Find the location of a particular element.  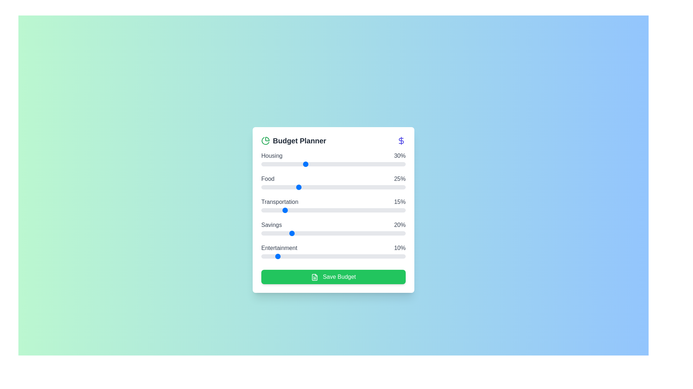

the slider for 'Food' to set its percentage to 35 is located at coordinates (312, 187).